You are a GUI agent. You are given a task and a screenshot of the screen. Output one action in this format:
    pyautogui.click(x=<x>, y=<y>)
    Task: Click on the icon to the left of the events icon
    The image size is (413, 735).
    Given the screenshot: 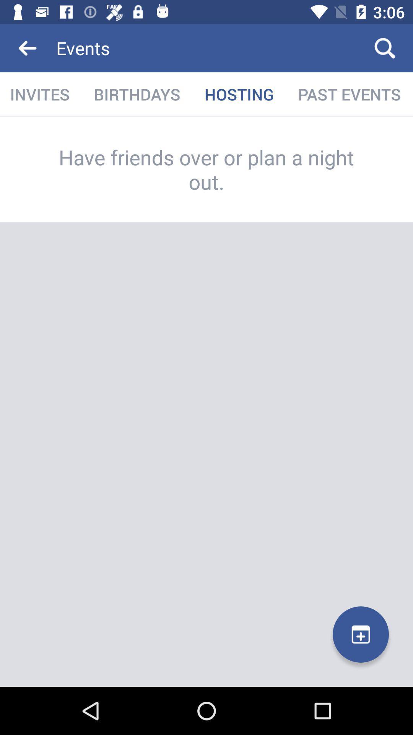 What is the action you would take?
    pyautogui.click(x=28, y=47)
    